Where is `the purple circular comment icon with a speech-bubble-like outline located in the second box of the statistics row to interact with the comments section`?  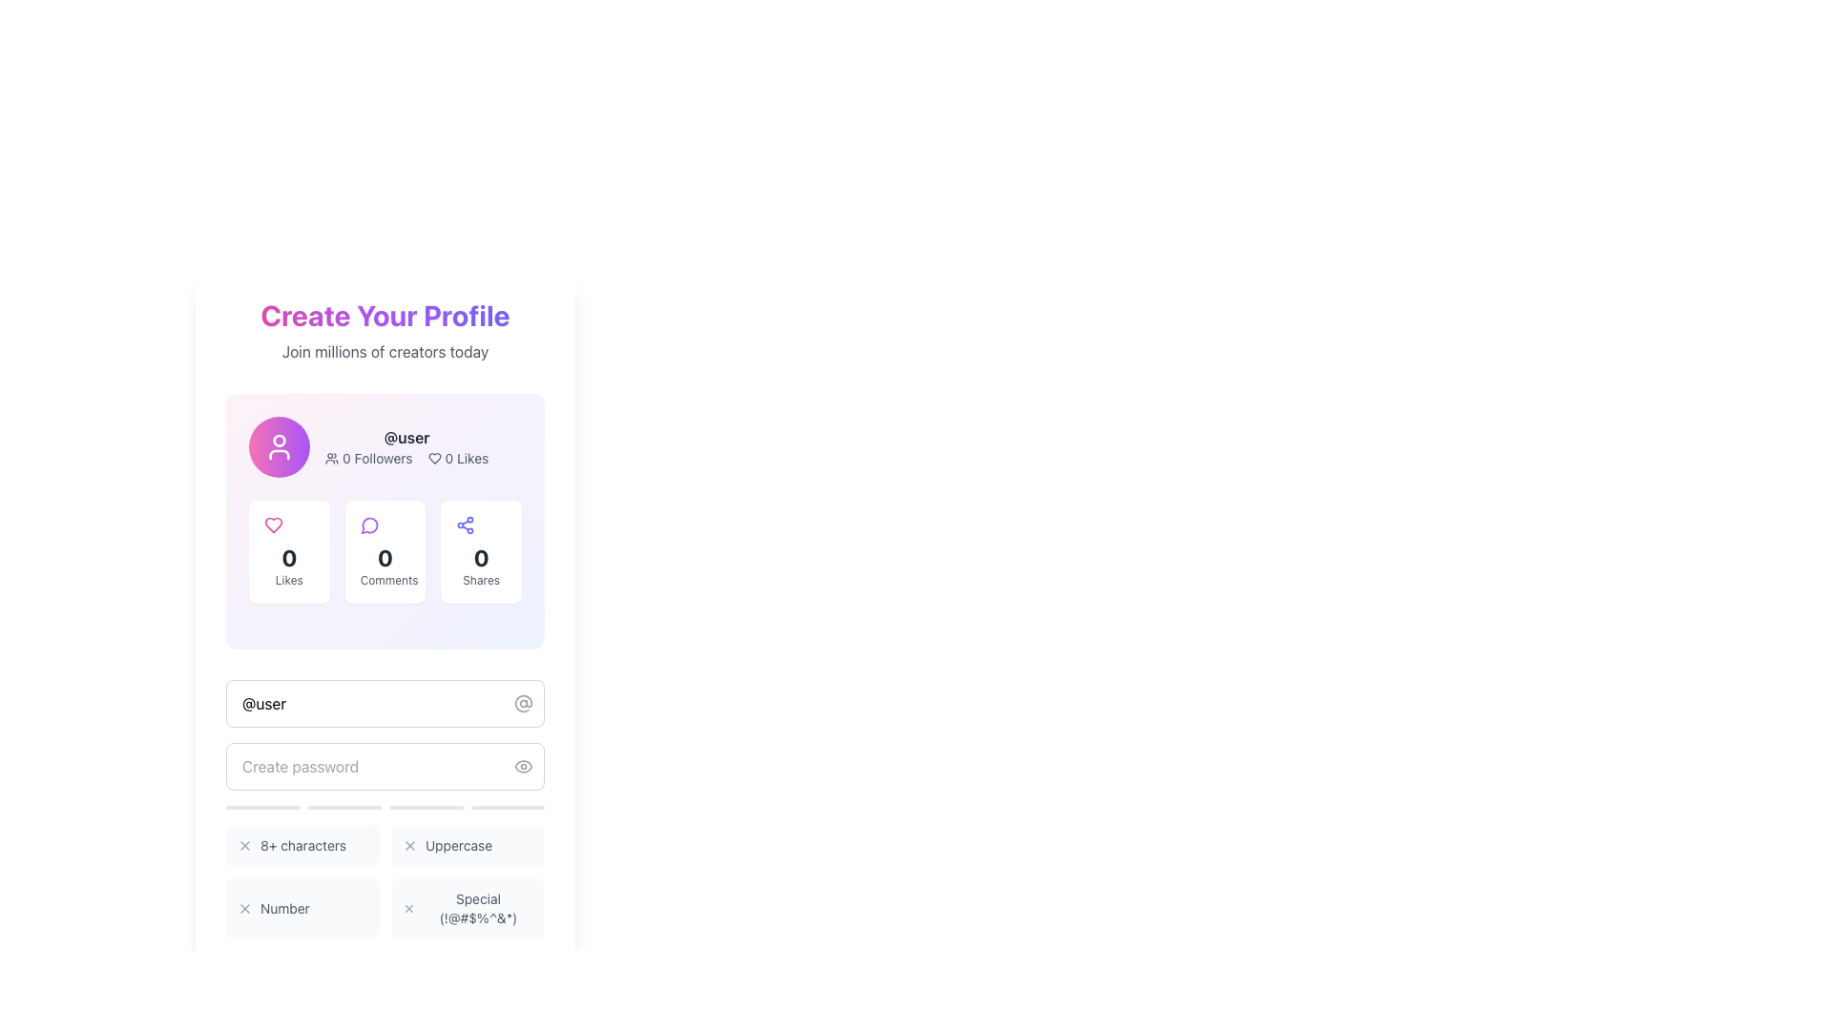
the purple circular comment icon with a speech-bubble-like outline located in the second box of the statistics row to interact with the comments section is located at coordinates (369, 525).